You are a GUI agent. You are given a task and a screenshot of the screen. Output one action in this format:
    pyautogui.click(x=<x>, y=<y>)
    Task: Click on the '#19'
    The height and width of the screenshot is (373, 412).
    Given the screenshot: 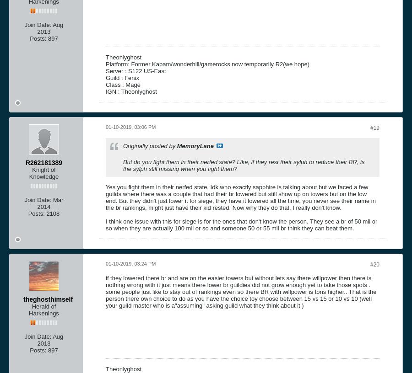 What is the action you would take?
    pyautogui.click(x=370, y=127)
    